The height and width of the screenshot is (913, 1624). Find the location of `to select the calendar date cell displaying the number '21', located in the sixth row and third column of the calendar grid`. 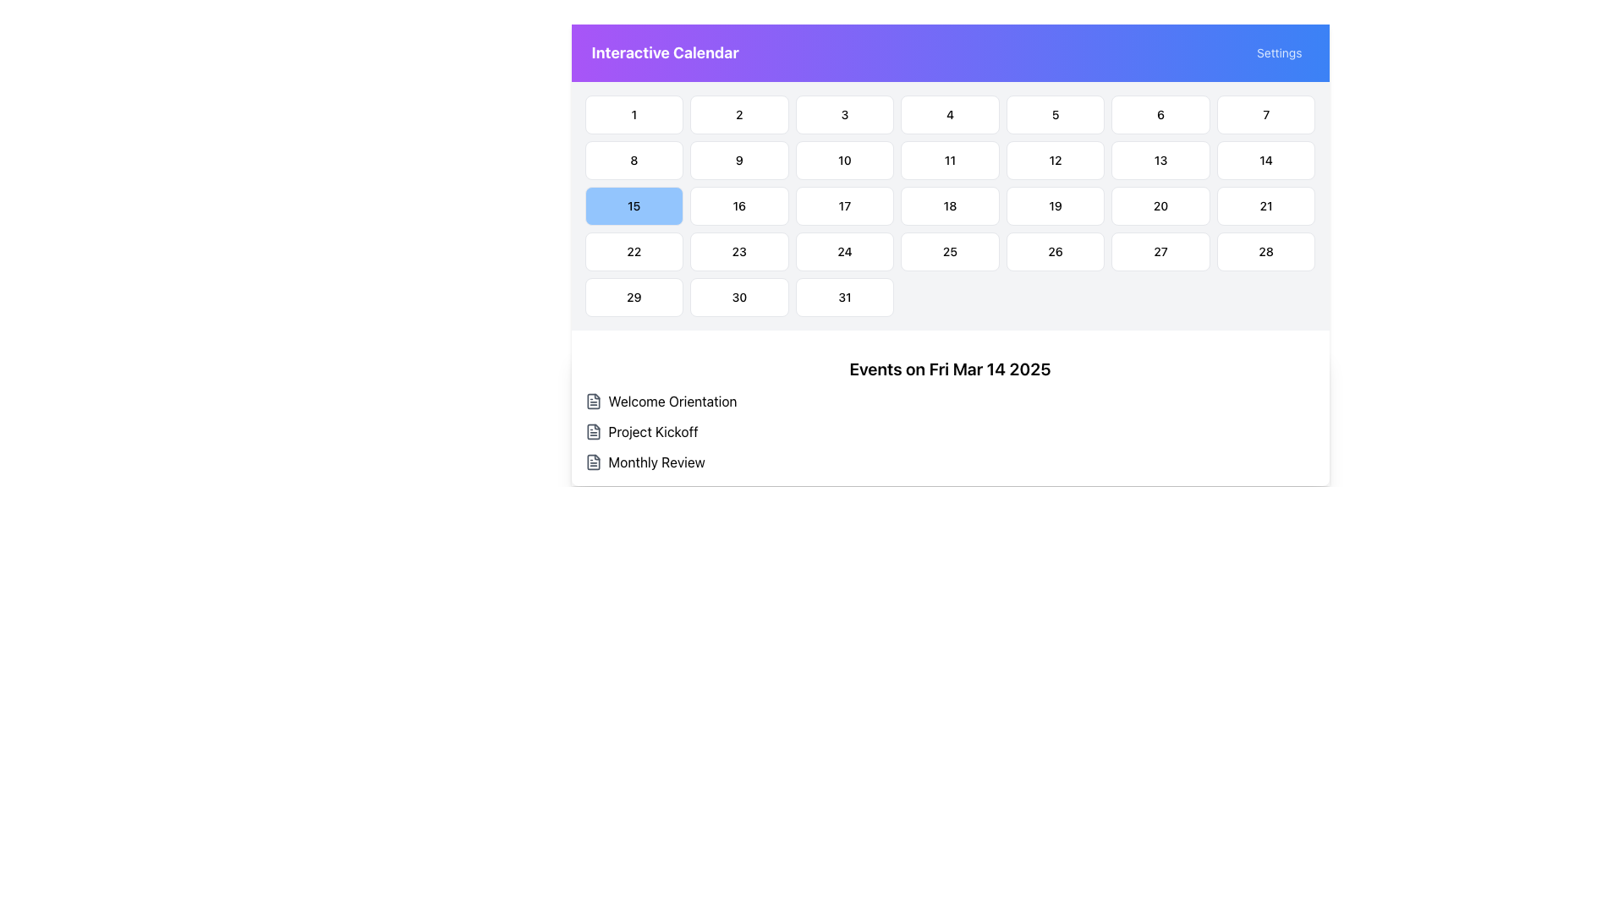

to select the calendar date cell displaying the number '21', located in the sixth row and third column of the calendar grid is located at coordinates (1266, 205).